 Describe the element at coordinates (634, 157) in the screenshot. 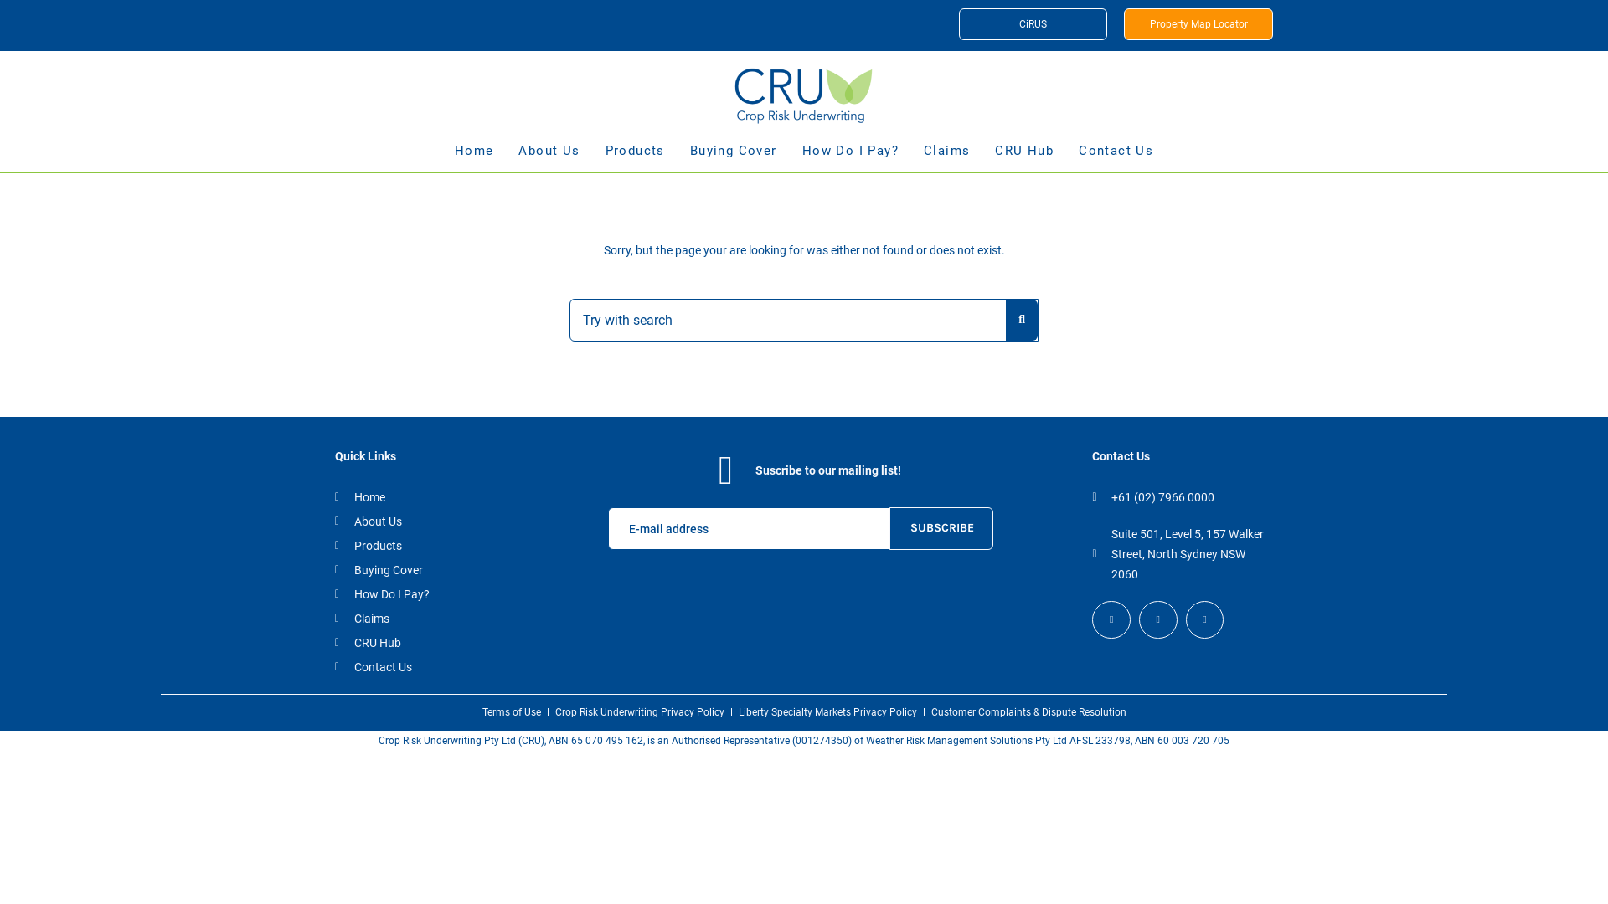

I see `'Products'` at that location.